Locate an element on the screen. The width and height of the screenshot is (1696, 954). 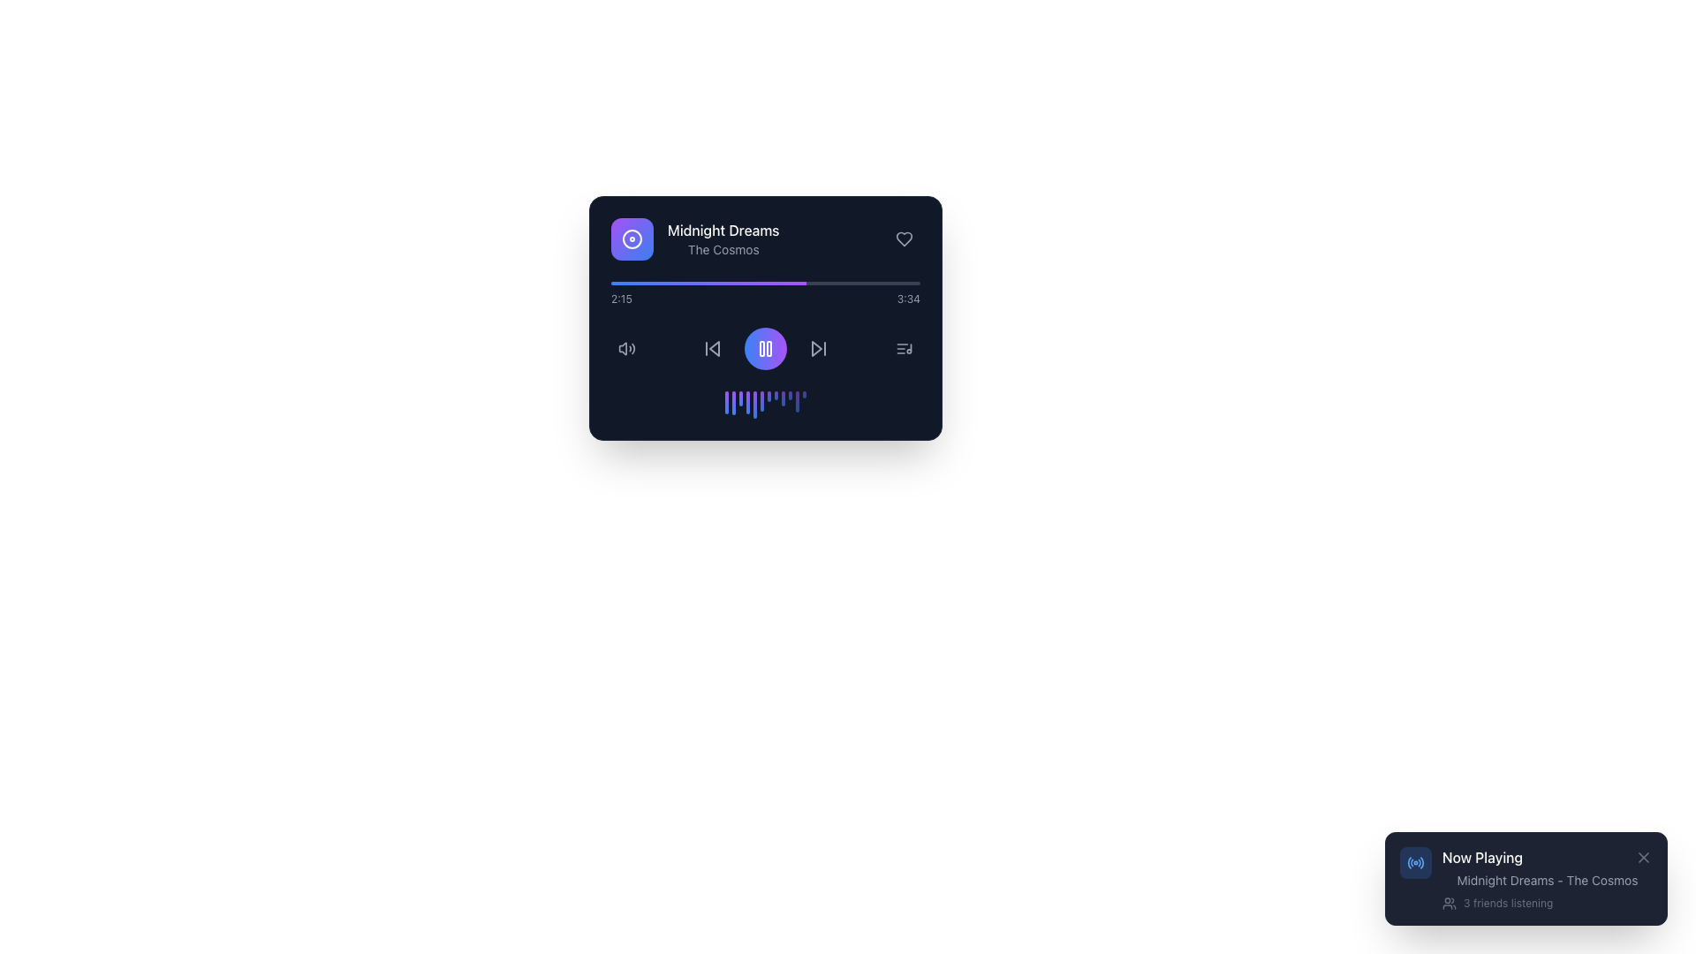
the text label displaying 'The Cosmos', which is located below the title 'Midnight Dreams' in the content card at the top-center of the interface is located at coordinates (723, 249).